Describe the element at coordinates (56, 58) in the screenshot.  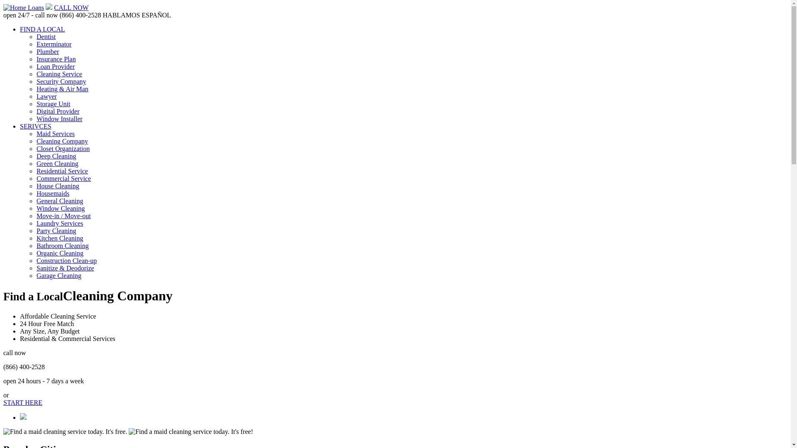
I see `'Insurance Plan'` at that location.